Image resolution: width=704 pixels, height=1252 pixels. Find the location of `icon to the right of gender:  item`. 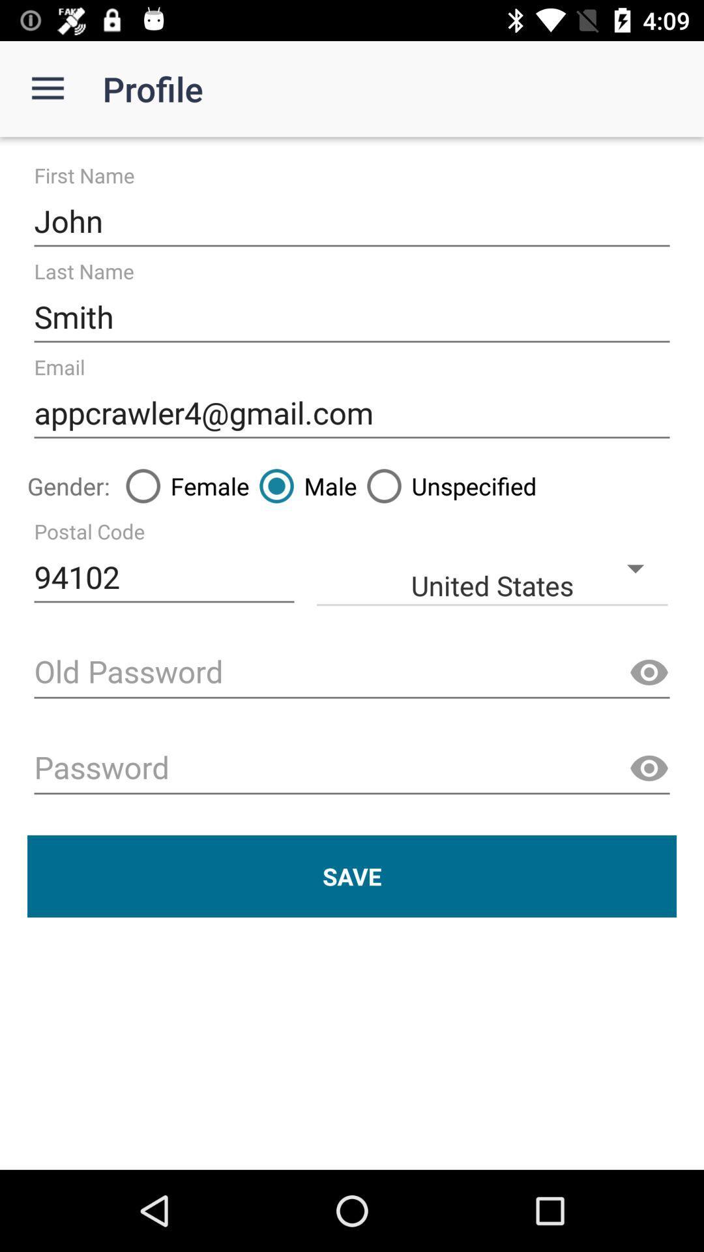

icon to the right of gender:  item is located at coordinates (183, 485).